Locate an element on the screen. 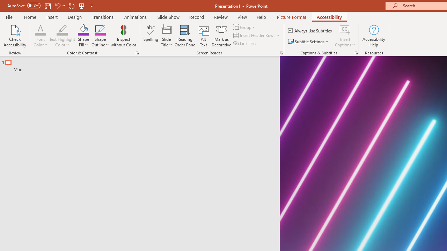 Image resolution: width=447 pixels, height=251 pixels. 'Screen Reader' is located at coordinates (281, 52).